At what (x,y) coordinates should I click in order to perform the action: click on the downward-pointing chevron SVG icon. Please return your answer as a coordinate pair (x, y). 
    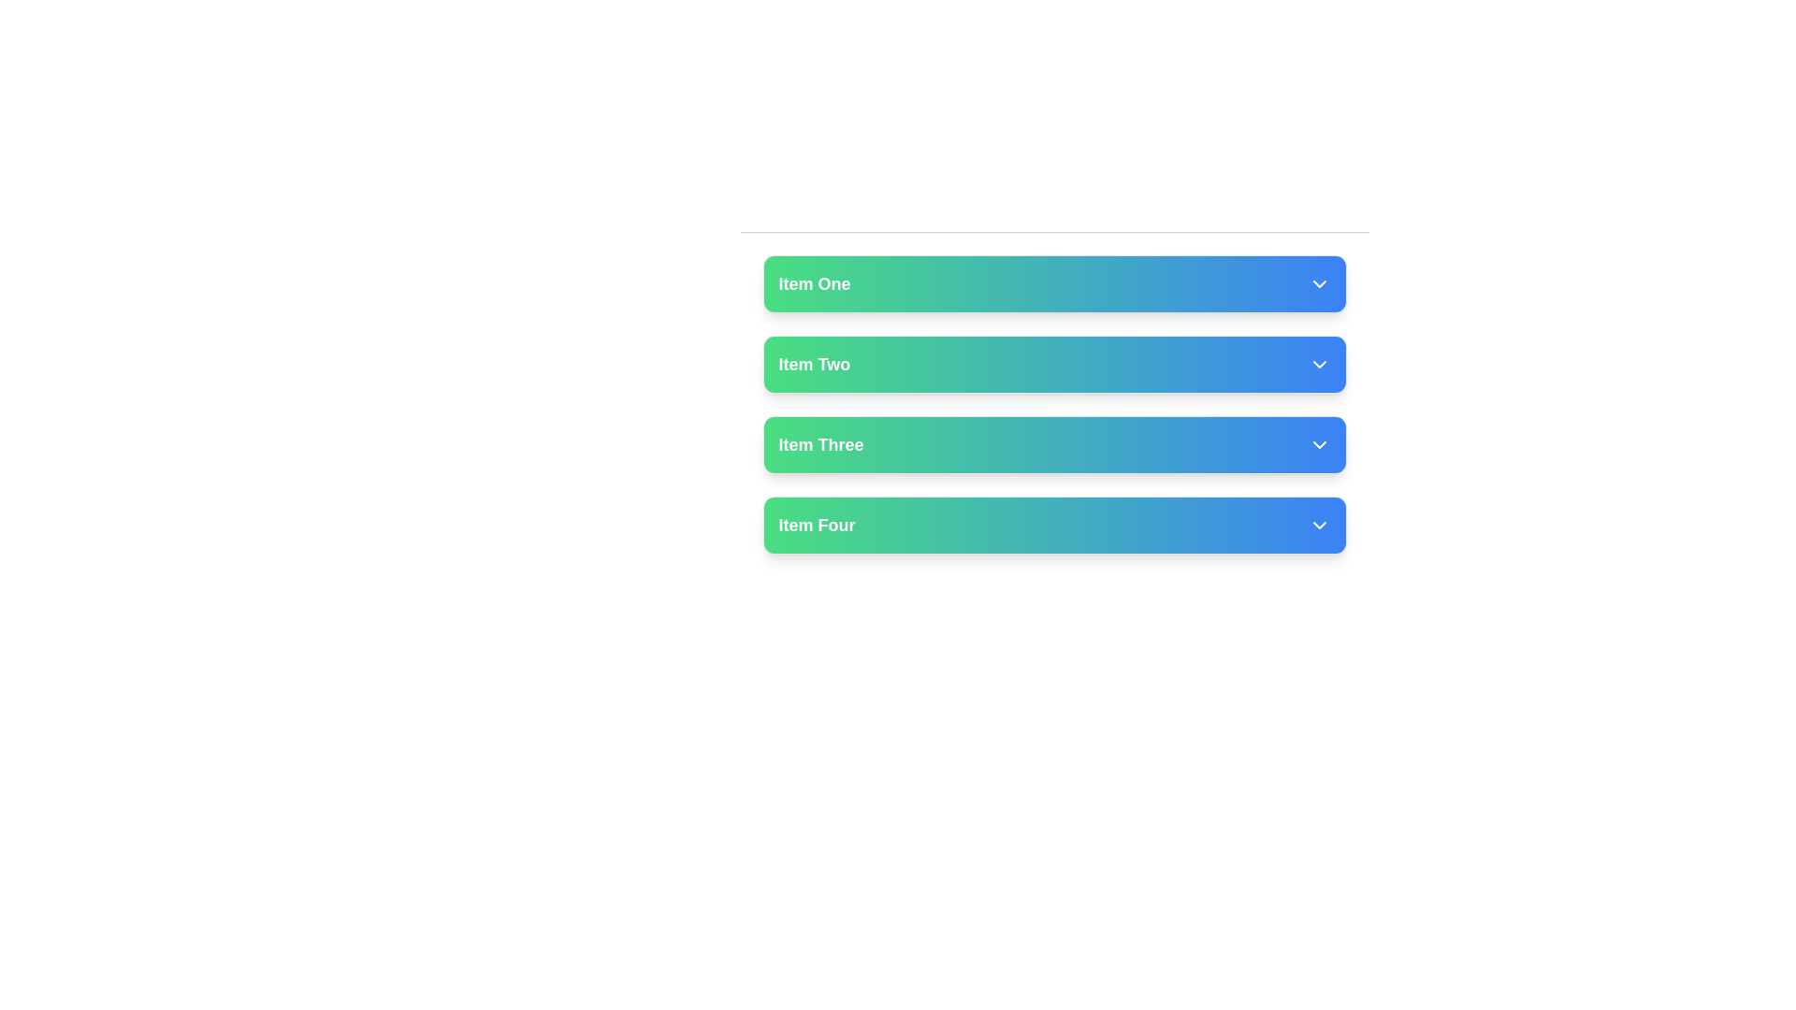
    Looking at the image, I should click on (1318, 444).